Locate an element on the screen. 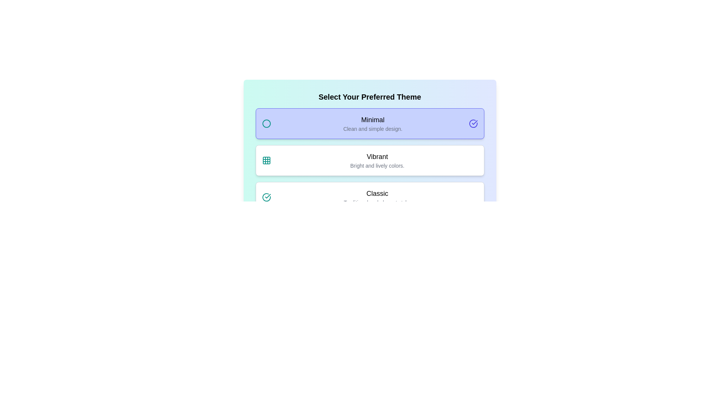  the circular icon with a teal border and transparent interior, located on the left side of the 'Minimal' card, which is the first card in the vertical list of options is located at coordinates (266, 123).